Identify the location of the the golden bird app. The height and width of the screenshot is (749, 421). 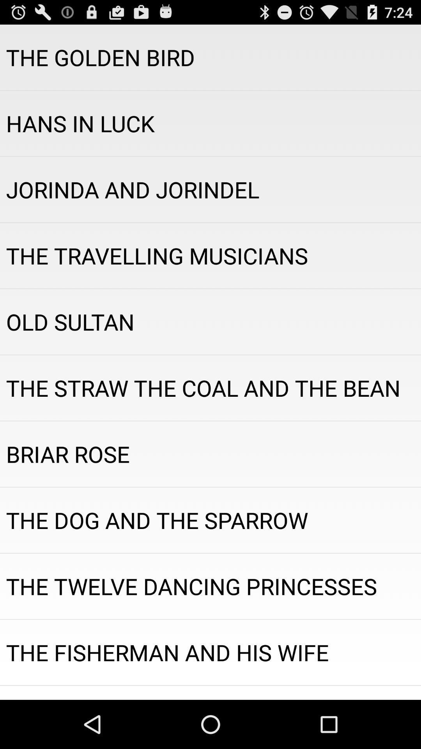
(210, 57).